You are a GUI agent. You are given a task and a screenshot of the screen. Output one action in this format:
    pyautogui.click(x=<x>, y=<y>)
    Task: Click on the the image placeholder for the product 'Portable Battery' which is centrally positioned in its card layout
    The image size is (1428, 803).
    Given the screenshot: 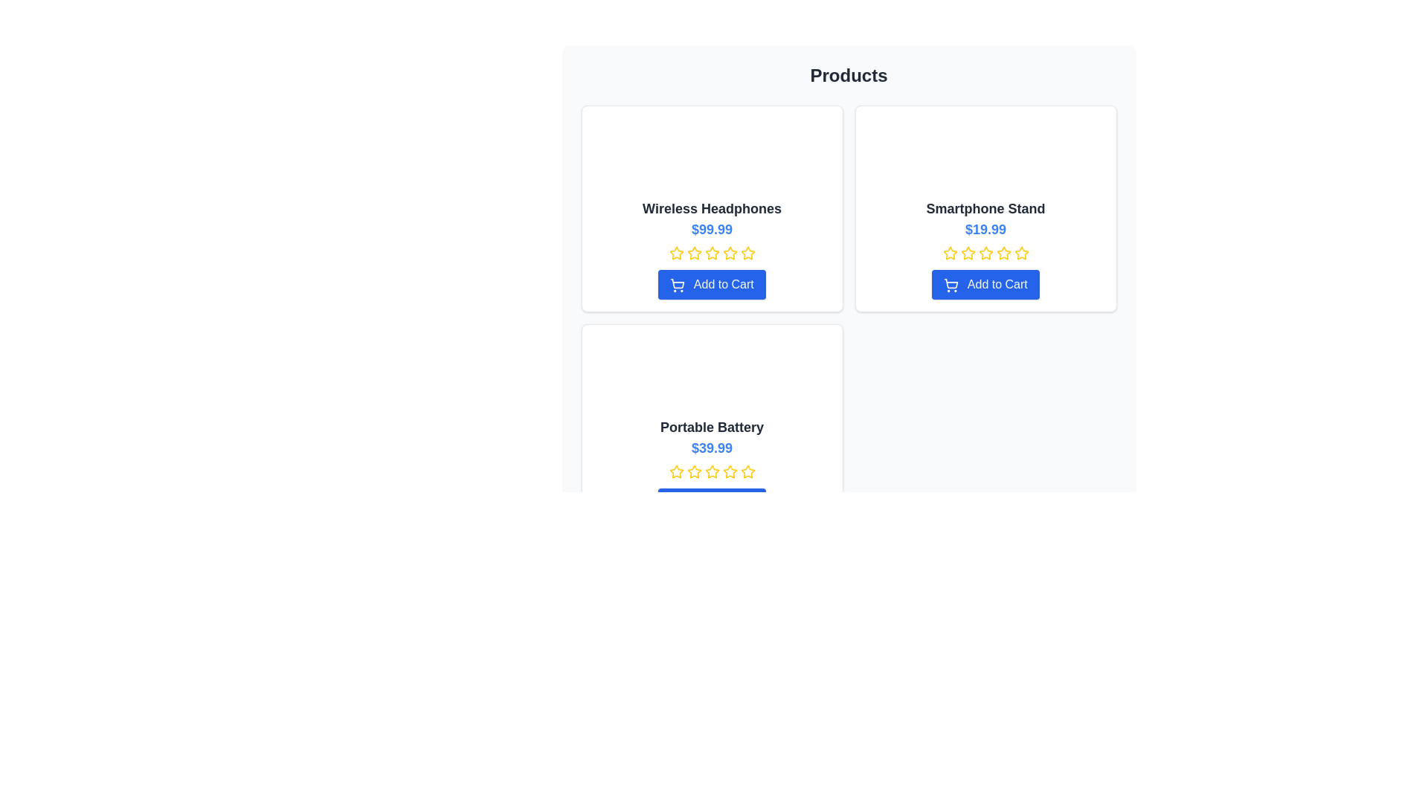 What is the action you would take?
    pyautogui.click(x=711, y=372)
    